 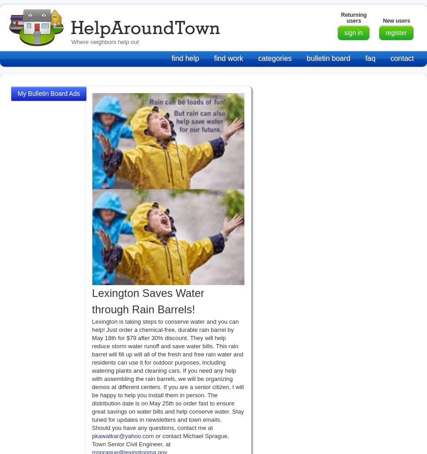 What do you see at coordinates (160, 439) in the screenshot?
I see `'or contact Michael Sprague, Town Senior Civil Engineer, at'` at bounding box center [160, 439].